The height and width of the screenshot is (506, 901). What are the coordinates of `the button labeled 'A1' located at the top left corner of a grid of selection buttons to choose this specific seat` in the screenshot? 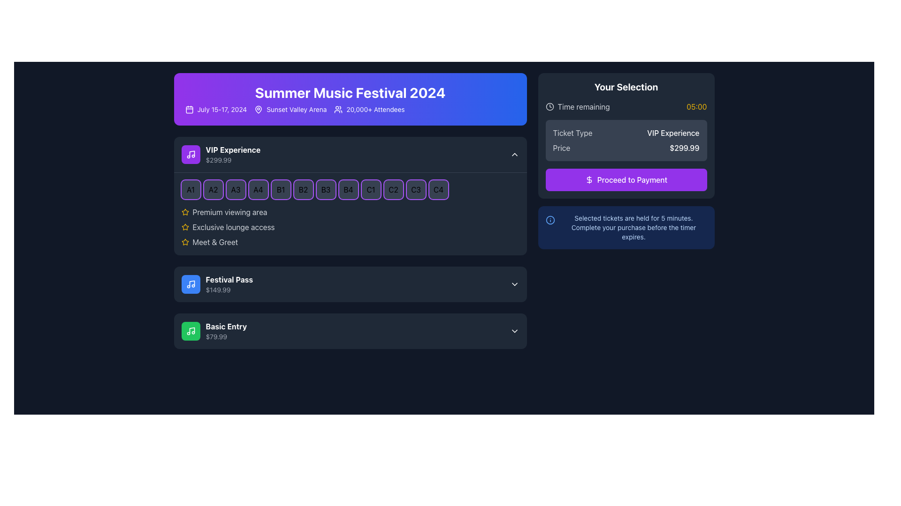 It's located at (190, 190).